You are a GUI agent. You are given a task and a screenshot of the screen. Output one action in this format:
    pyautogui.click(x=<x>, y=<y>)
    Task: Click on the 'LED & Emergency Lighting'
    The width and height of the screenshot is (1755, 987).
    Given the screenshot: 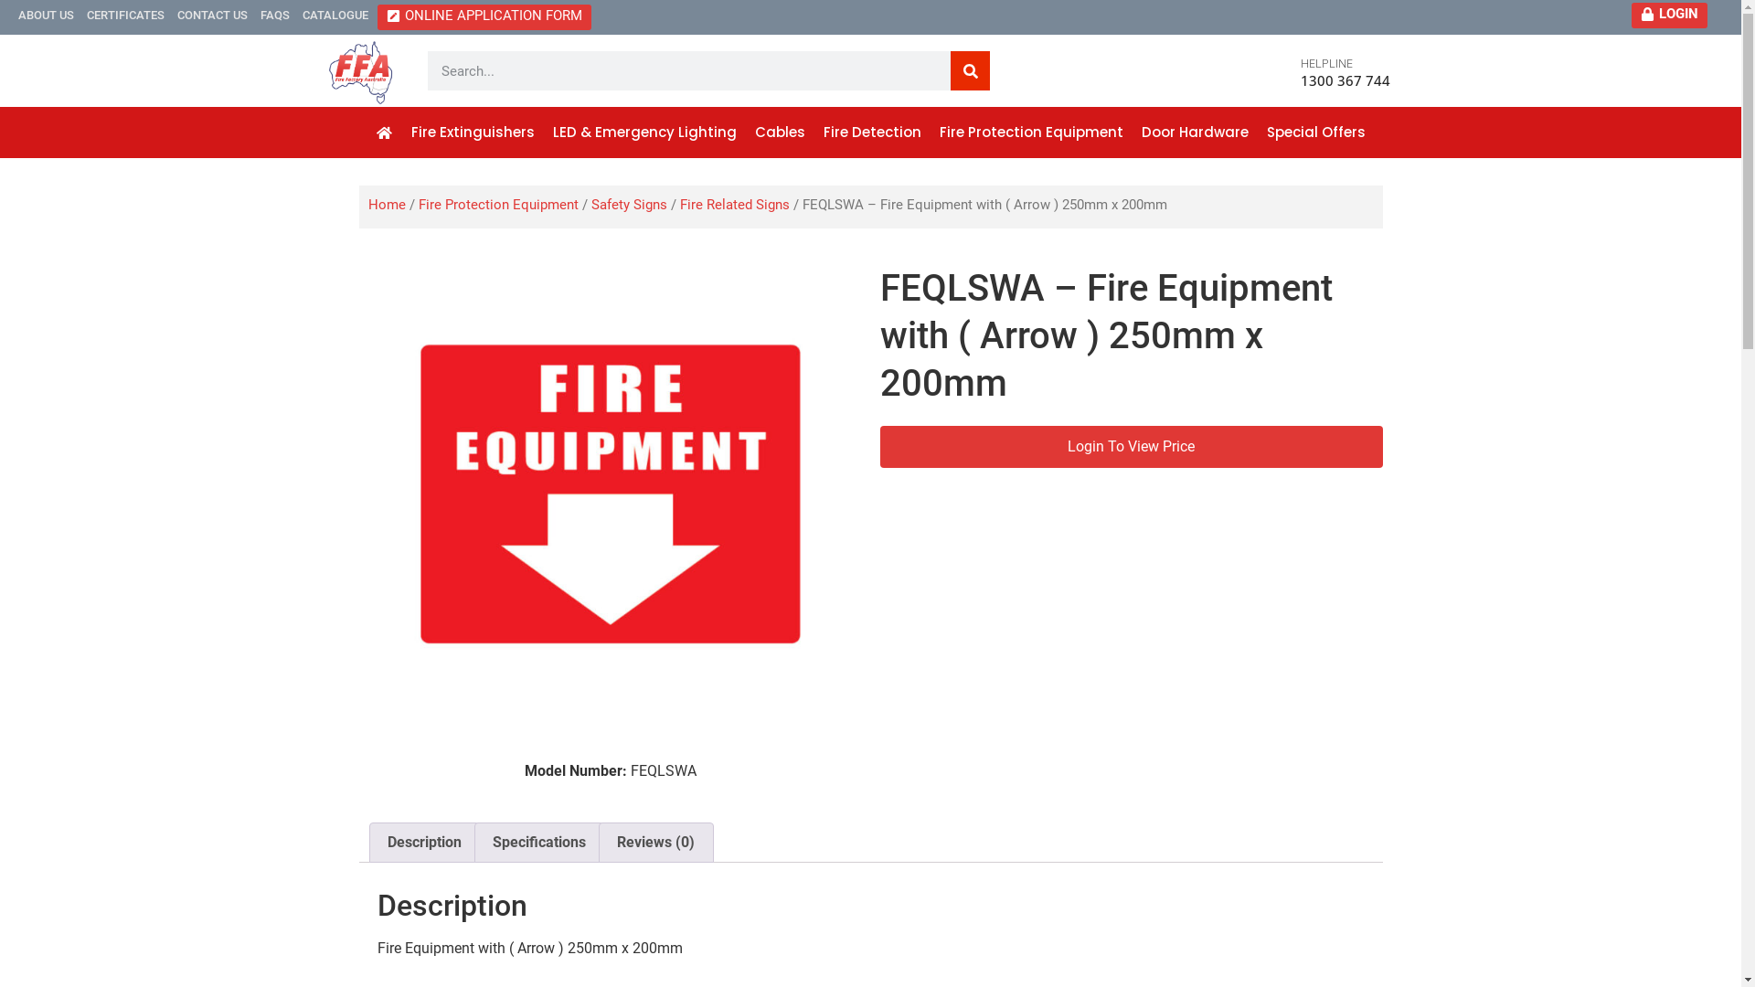 What is the action you would take?
    pyautogui.click(x=644, y=132)
    